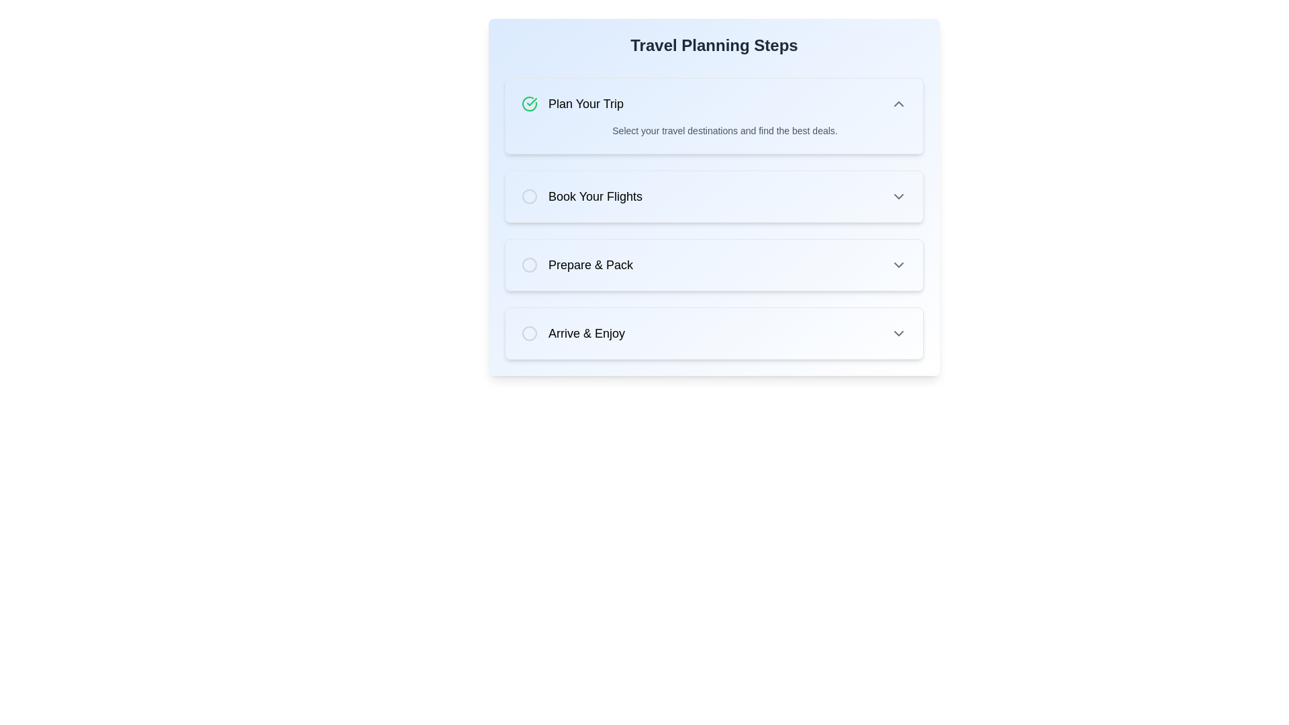 The width and height of the screenshot is (1289, 725). Describe the element at coordinates (899, 103) in the screenshot. I see `the chevron icon at the far right of the 'Plan Your Trip' row` at that location.